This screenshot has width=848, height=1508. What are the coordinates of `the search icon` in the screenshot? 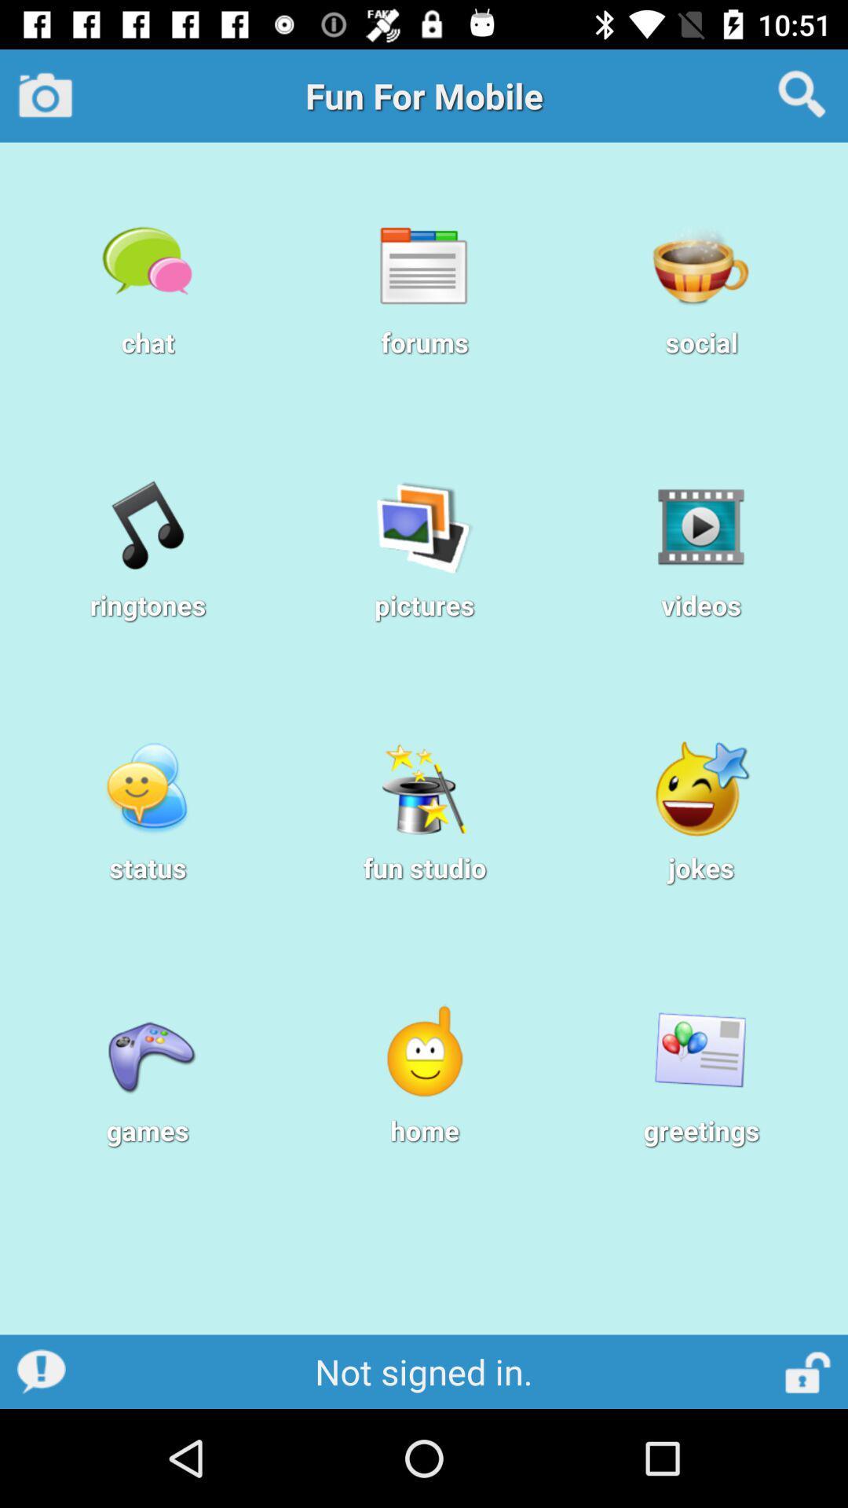 It's located at (802, 94).